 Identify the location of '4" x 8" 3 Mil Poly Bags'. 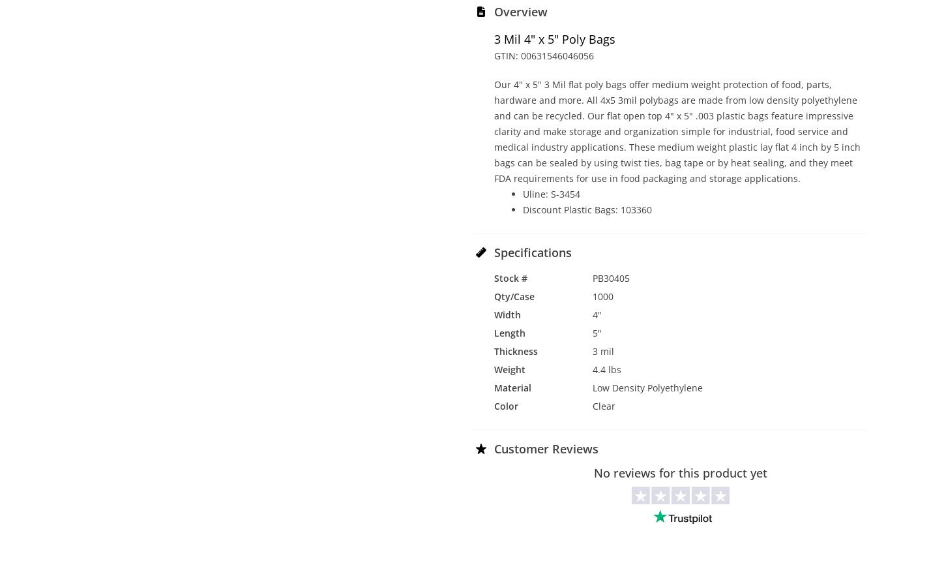
(795, 200).